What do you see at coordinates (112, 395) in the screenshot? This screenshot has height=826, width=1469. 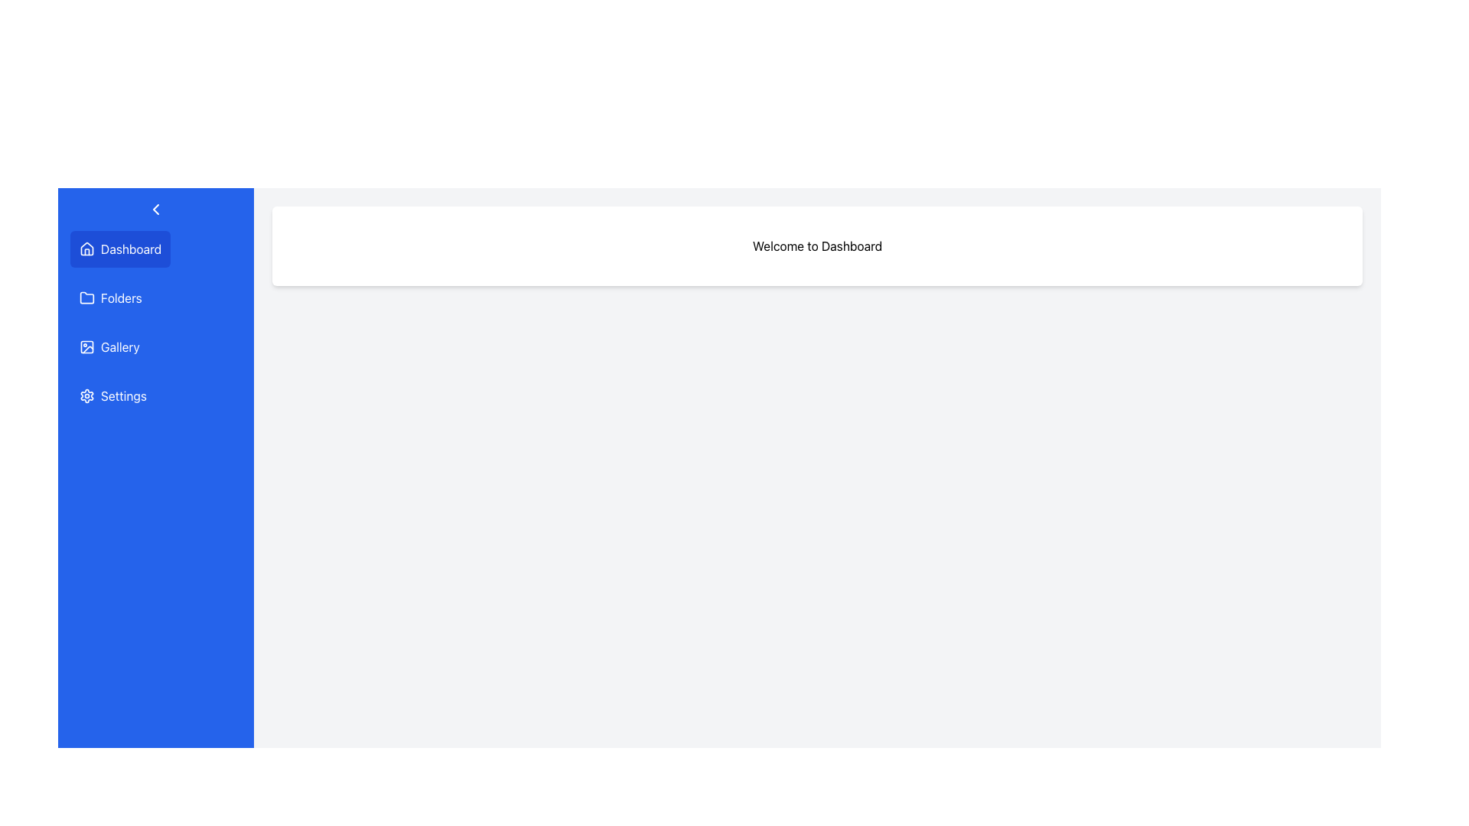 I see `the navigation button for settings located below the 'Gallery' element` at bounding box center [112, 395].